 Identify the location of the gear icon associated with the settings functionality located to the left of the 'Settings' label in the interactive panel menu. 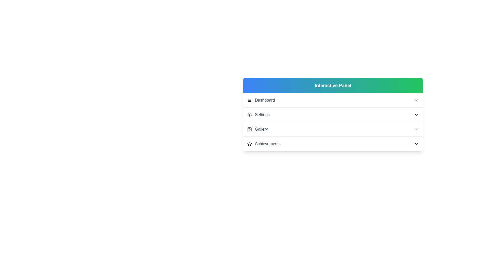
(249, 115).